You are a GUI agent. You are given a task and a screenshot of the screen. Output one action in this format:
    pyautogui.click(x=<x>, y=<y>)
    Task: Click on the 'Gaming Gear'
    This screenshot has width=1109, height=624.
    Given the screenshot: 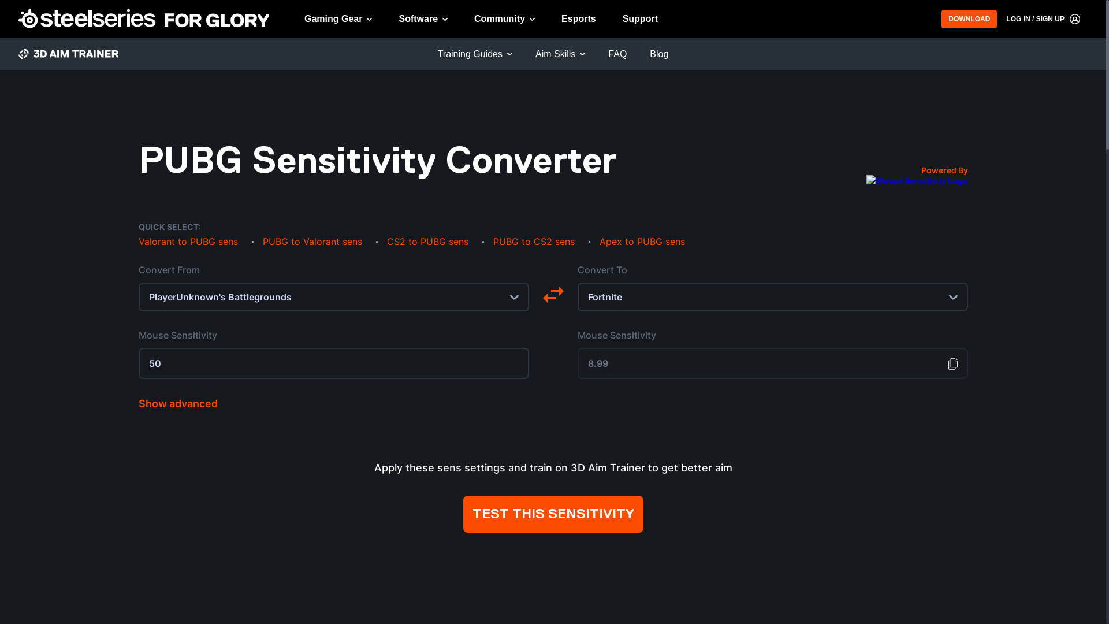 What is the action you would take?
    pyautogui.click(x=337, y=19)
    